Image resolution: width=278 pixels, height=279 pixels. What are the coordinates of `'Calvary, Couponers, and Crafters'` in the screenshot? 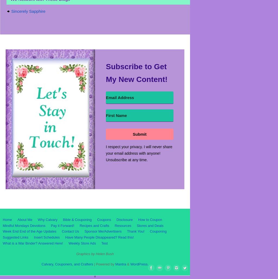 It's located at (67, 264).